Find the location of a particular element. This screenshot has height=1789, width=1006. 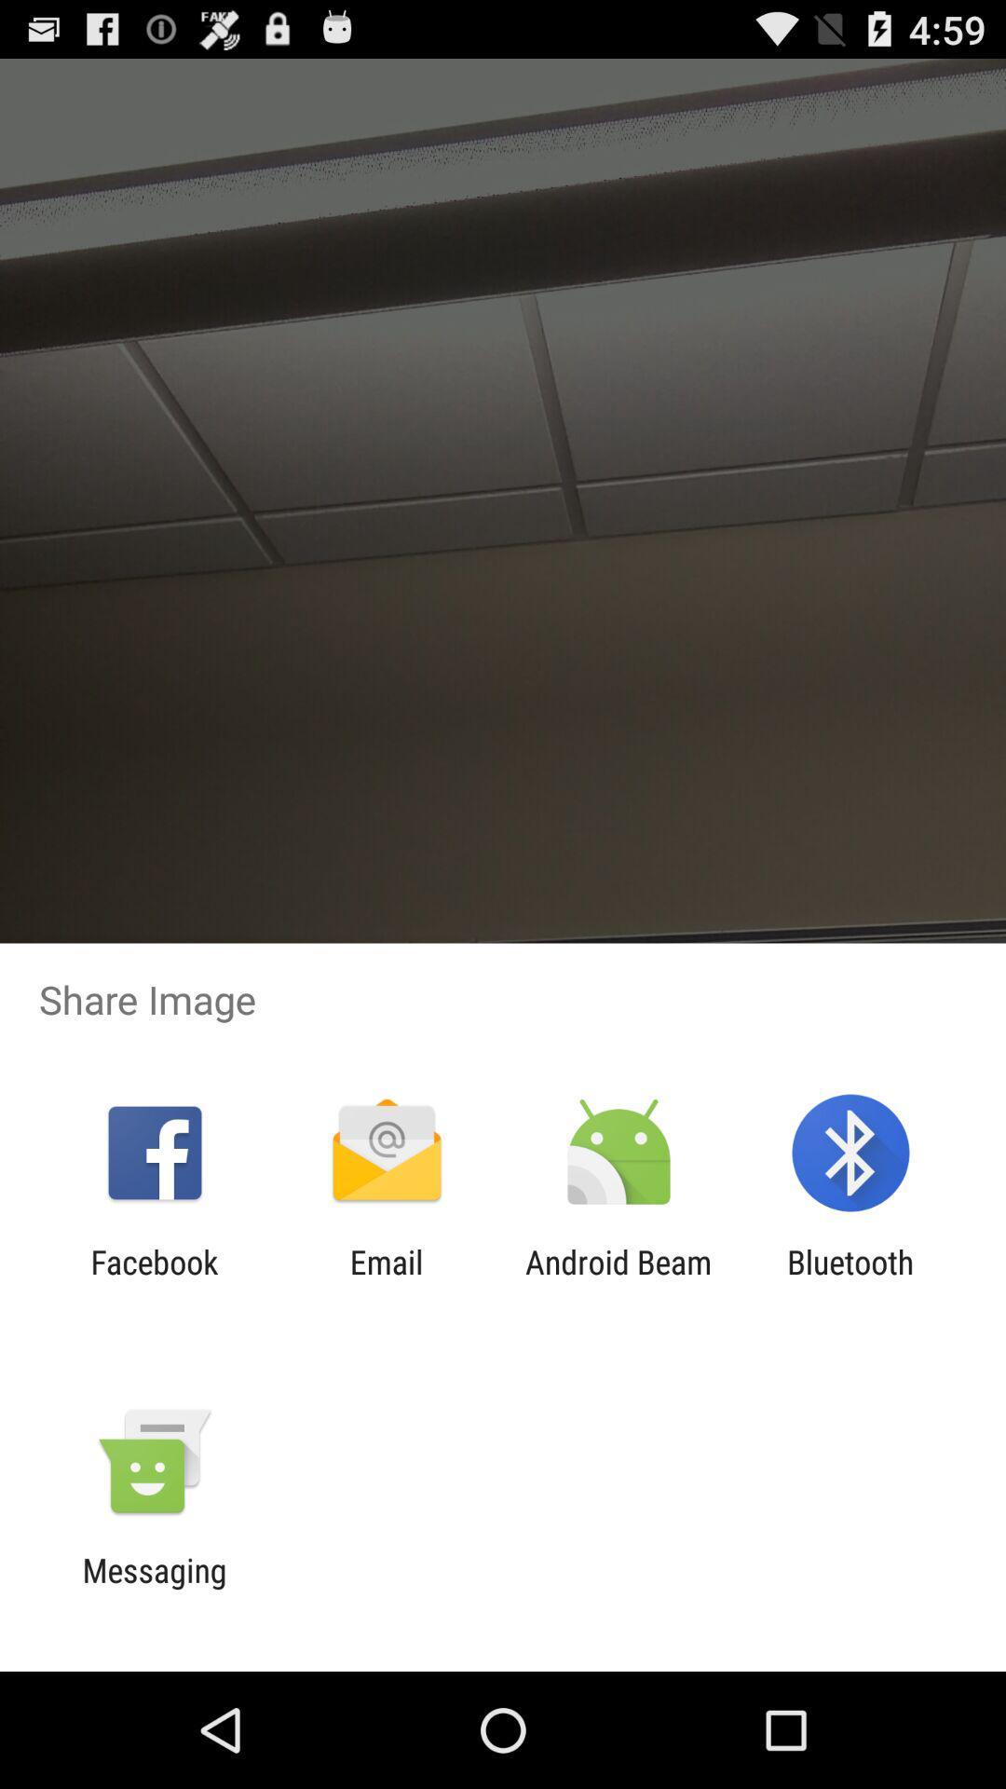

bluetooth is located at coordinates (850, 1280).